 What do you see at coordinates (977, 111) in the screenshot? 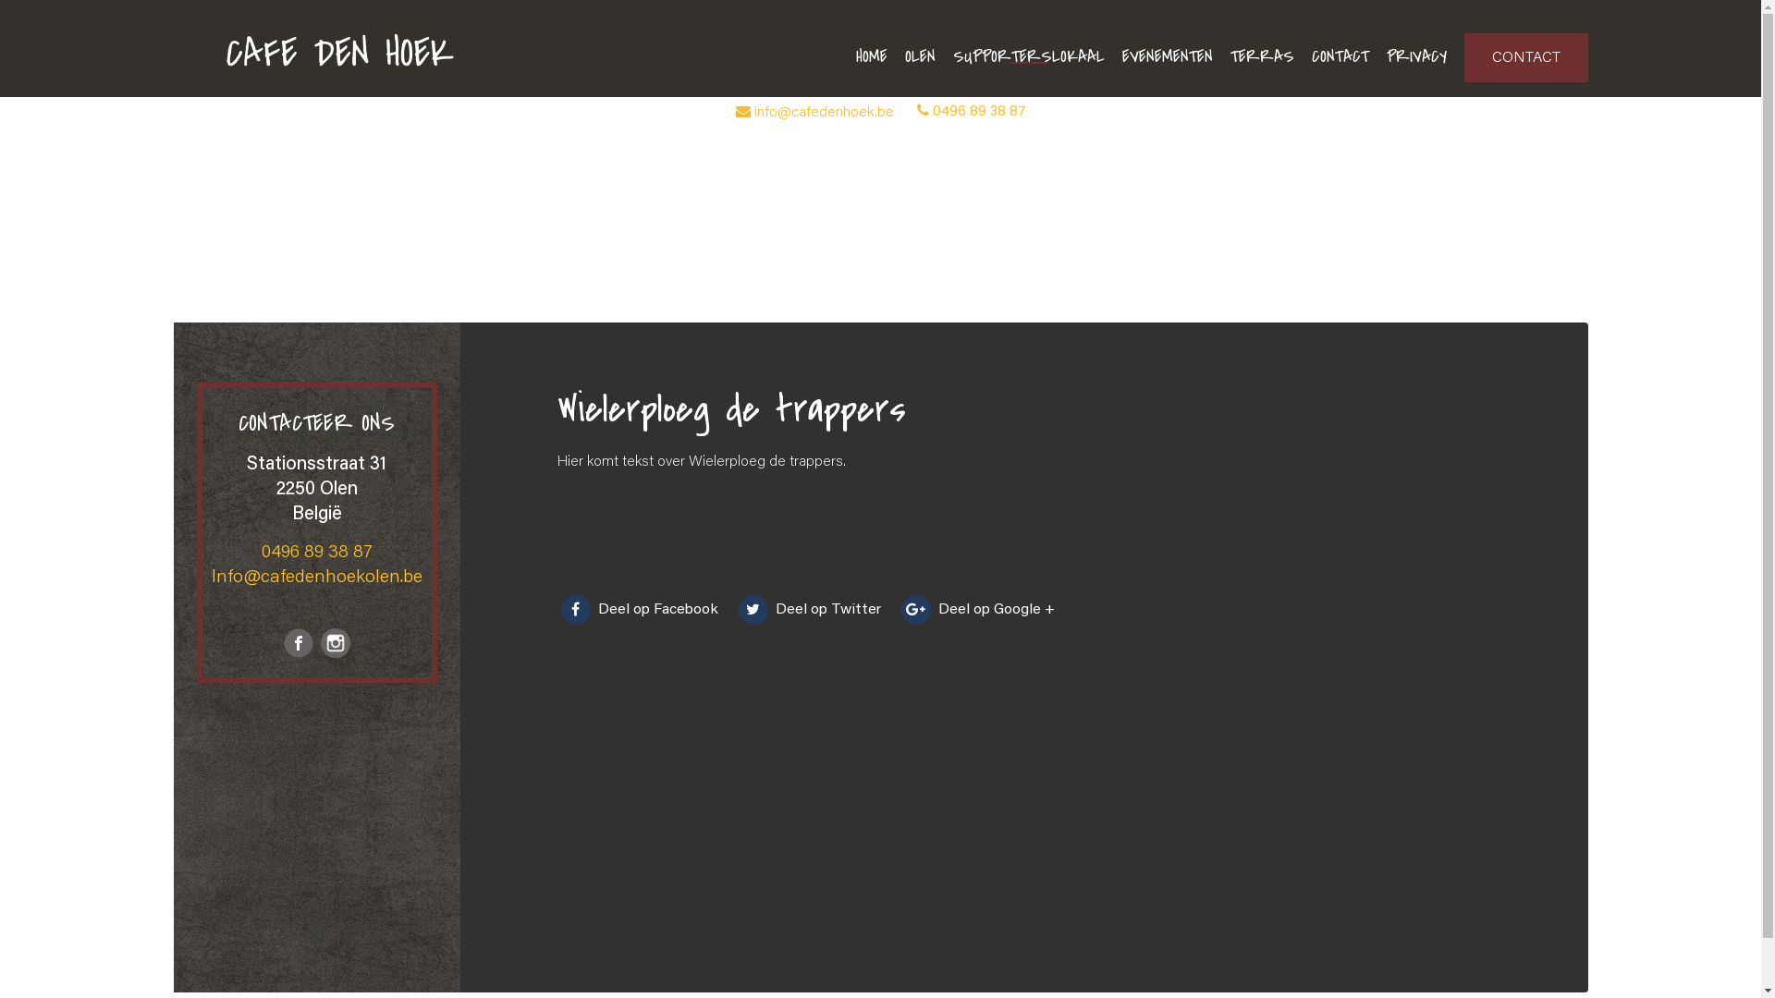
I see `'0496 89 38 87'` at bounding box center [977, 111].